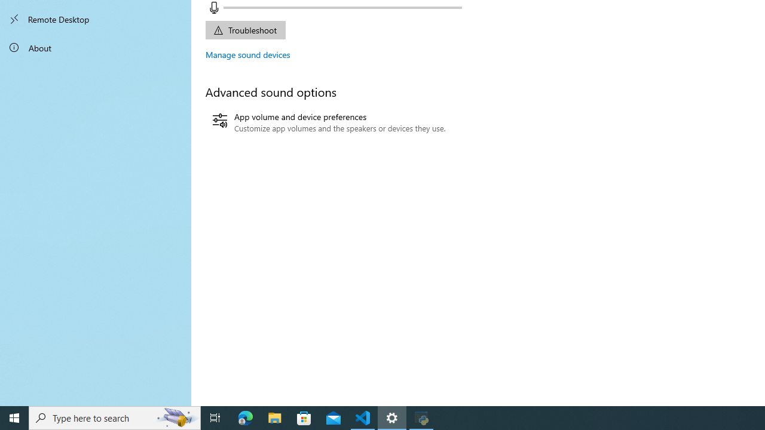 The image size is (765, 430). What do you see at coordinates (329, 122) in the screenshot?
I see `'App volume and device preferences'` at bounding box center [329, 122].